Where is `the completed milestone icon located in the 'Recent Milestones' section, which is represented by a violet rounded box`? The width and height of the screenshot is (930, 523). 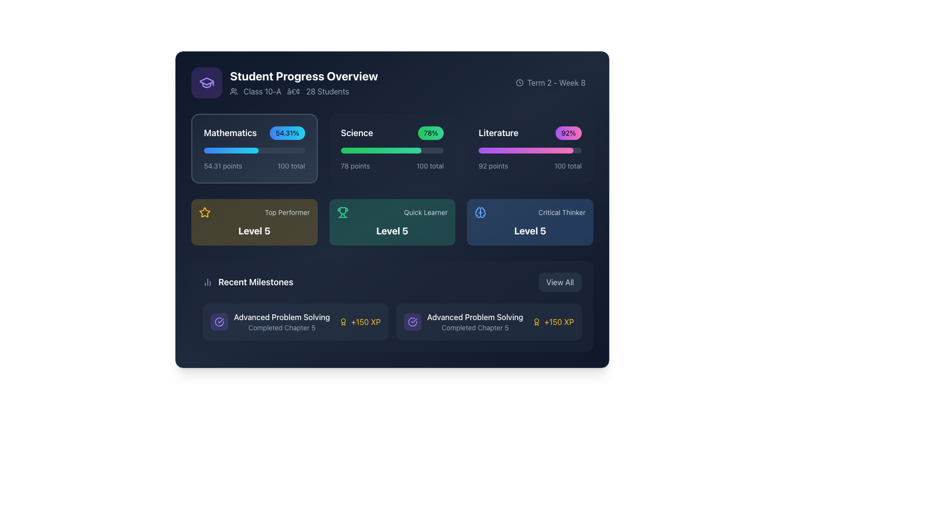
the completed milestone icon located in the 'Recent Milestones' section, which is represented by a violet rounded box is located at coordinates (412, 322).